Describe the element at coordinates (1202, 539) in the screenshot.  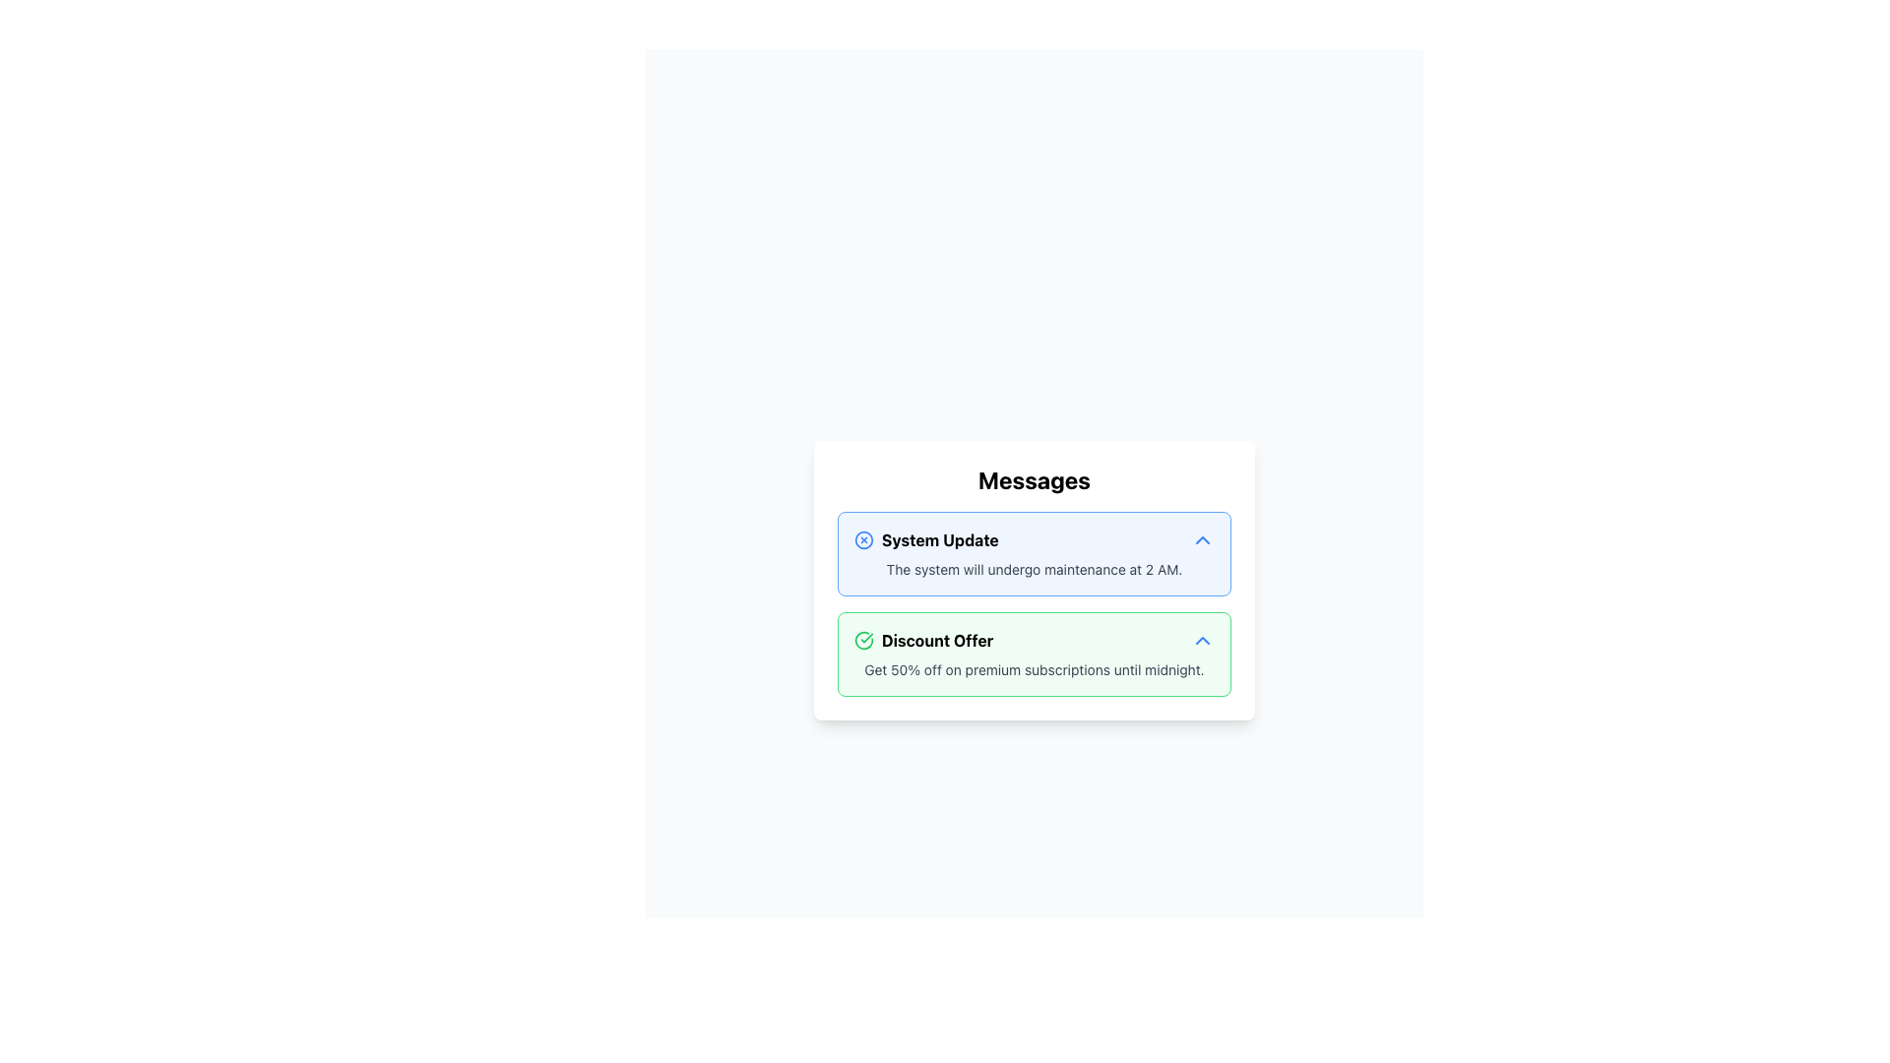
I see `the first interactive chevron icon in the 'System Update' section` at that location.